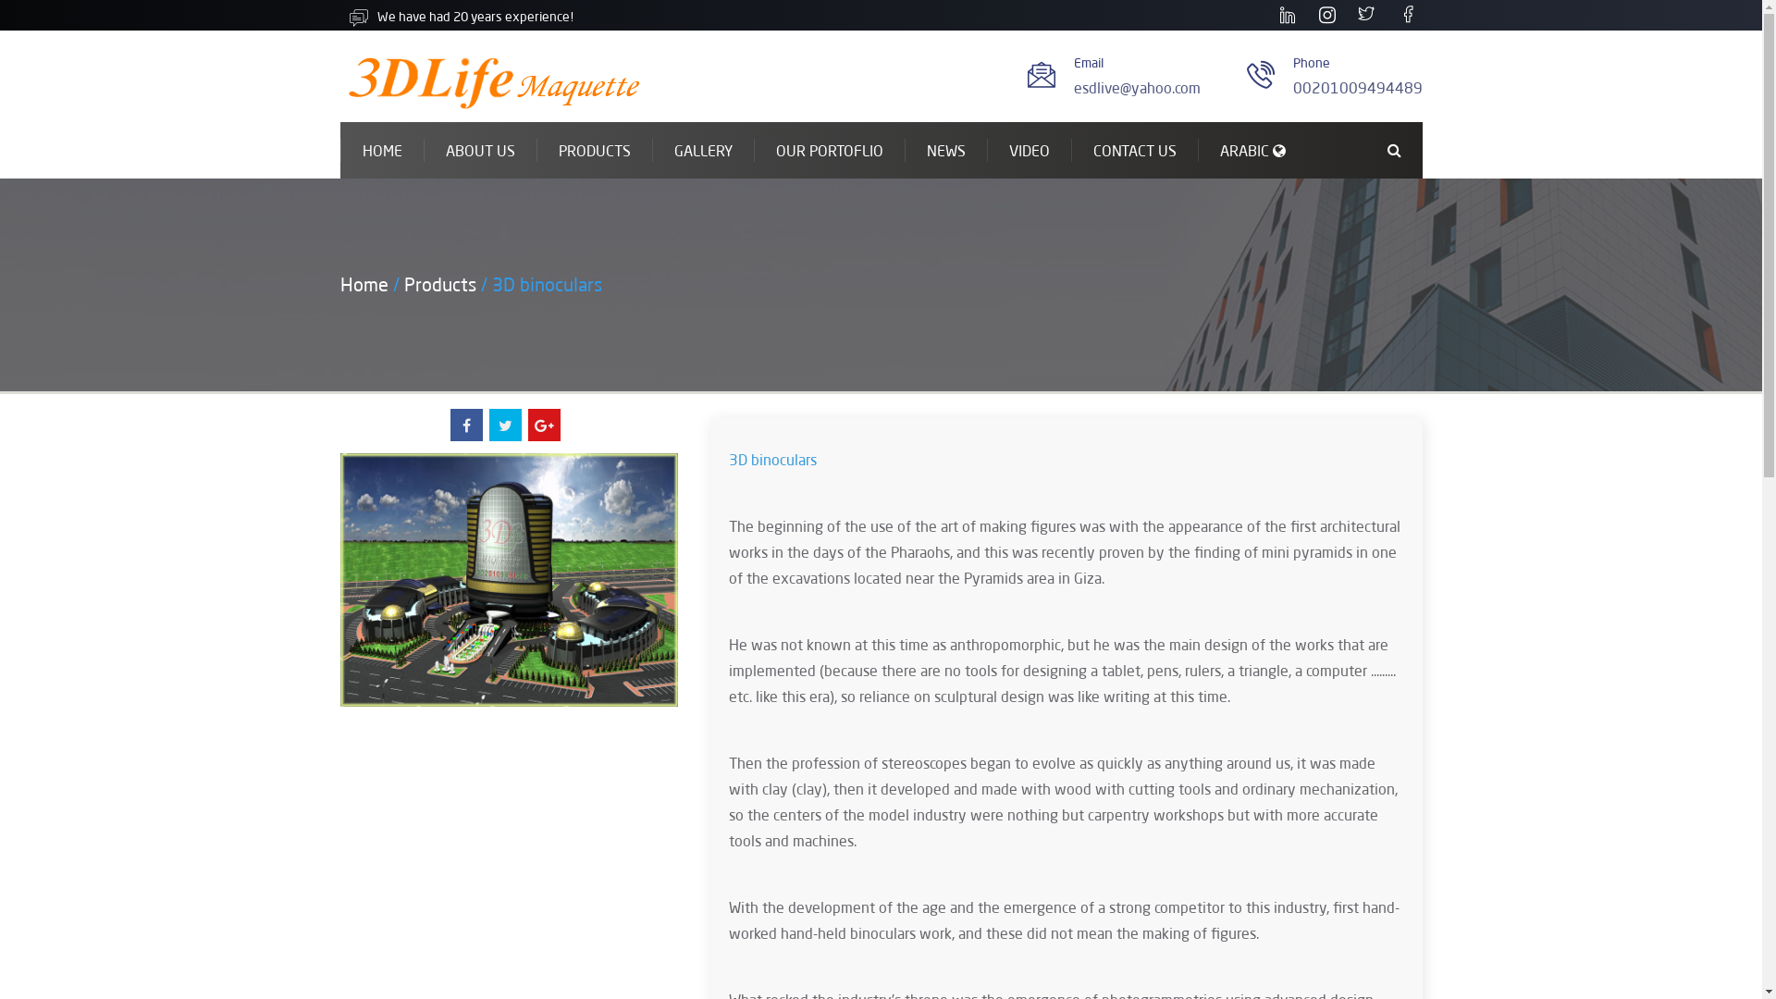  I want to click on 'HOME', so click(340, 149).